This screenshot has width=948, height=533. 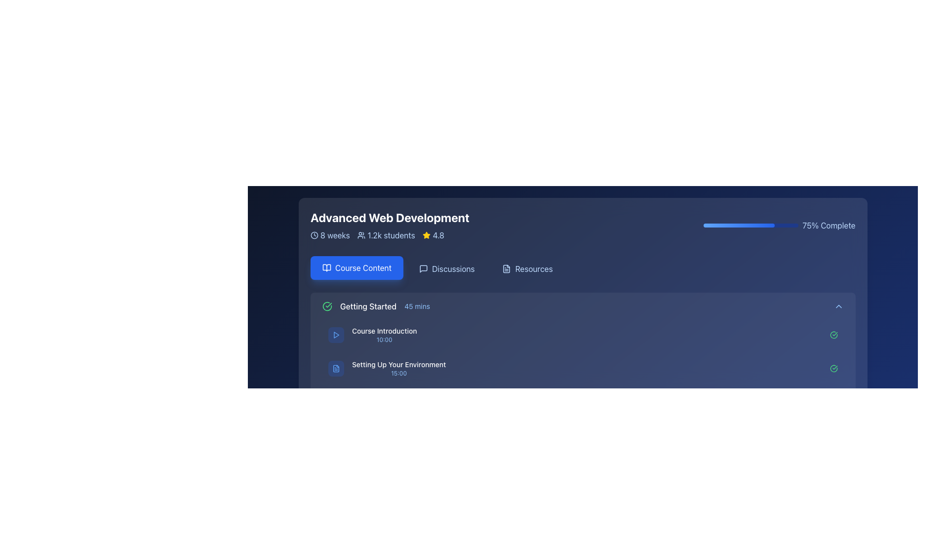 What do you see at coordinates (362, 268) in the screenshot?
I see `the 'Course Content' text label embedded within a blue button in the navigation bar for possible tooltips` at bounding box center [362, 268].